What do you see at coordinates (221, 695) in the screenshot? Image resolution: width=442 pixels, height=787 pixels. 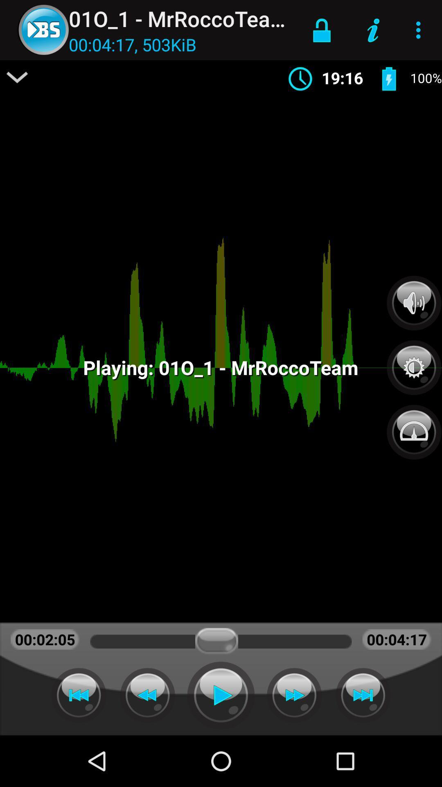 I see `start playing` at bounding box center [221, 695].